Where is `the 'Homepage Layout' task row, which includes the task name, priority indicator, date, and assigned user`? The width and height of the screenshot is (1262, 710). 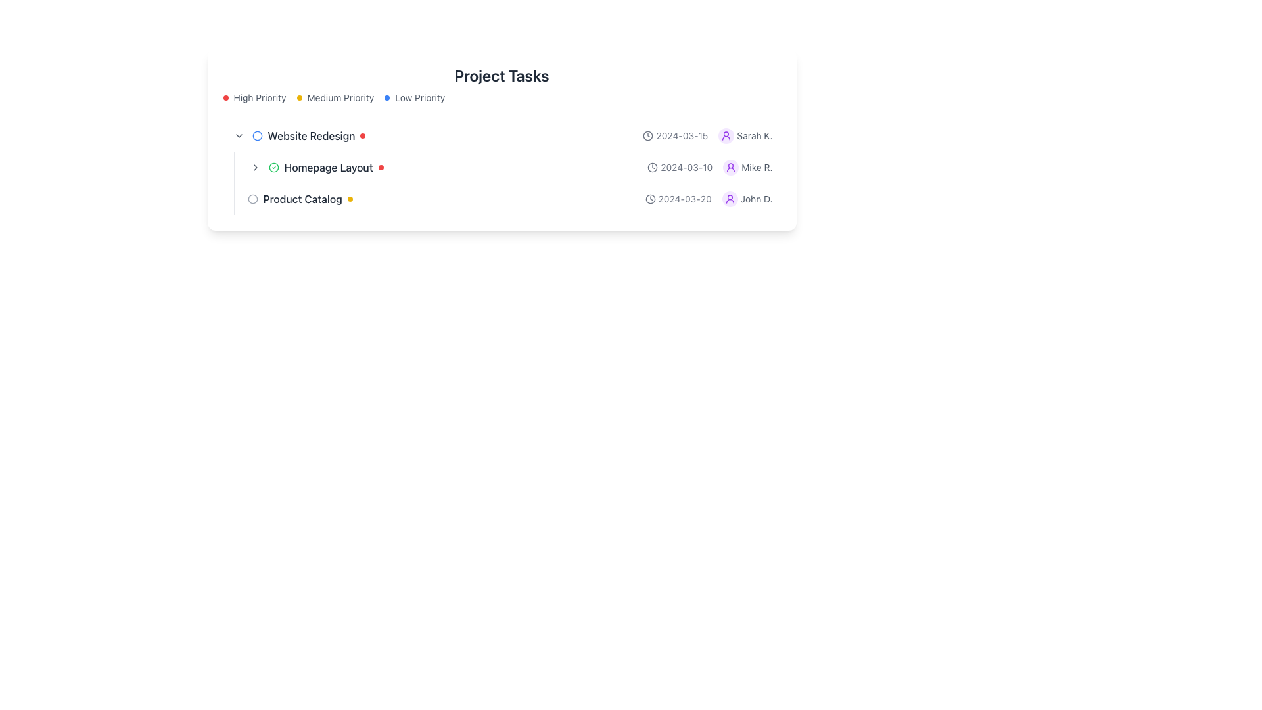 the 'Homepage Layout' task row, which includes the task name, priority indicator, date, and assigned user is located at coordinates (509, 166).